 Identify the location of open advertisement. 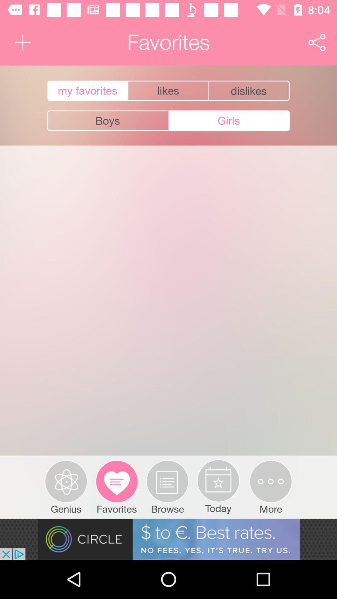
(168, 539).